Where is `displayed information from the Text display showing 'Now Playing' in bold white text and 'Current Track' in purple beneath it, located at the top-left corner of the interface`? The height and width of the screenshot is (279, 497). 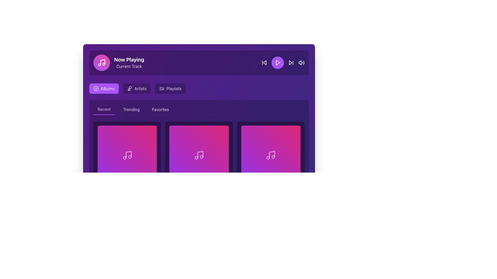 displayed information from the Text display showing 'Now Playing' in bold white text and 'Current Track' in purple beneath it, located at the top-left corner of the interface is located at coordinates (129, 63).